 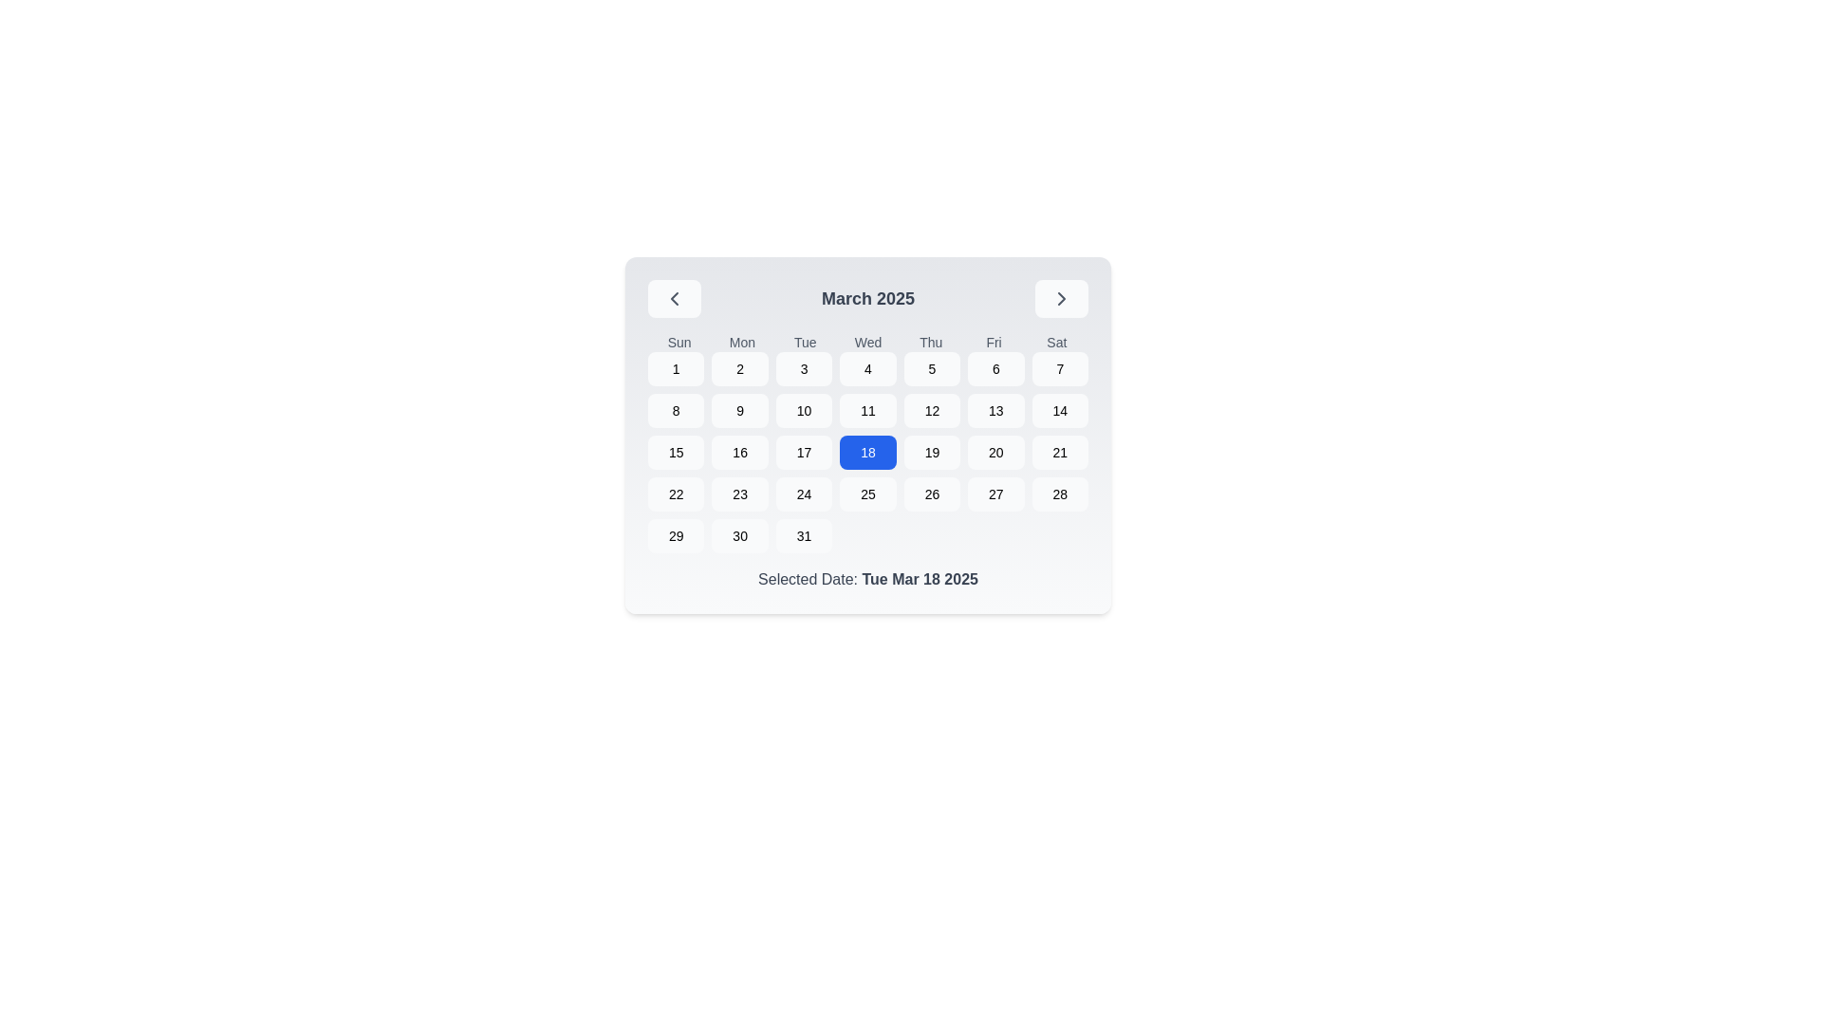 What do you see at coordinates (1059, 493) in the screenshot?
I see `the interactive button displaying the text '28' in black, located in the last column of the fifth row of the grid` at bounding box center [1059, 493].